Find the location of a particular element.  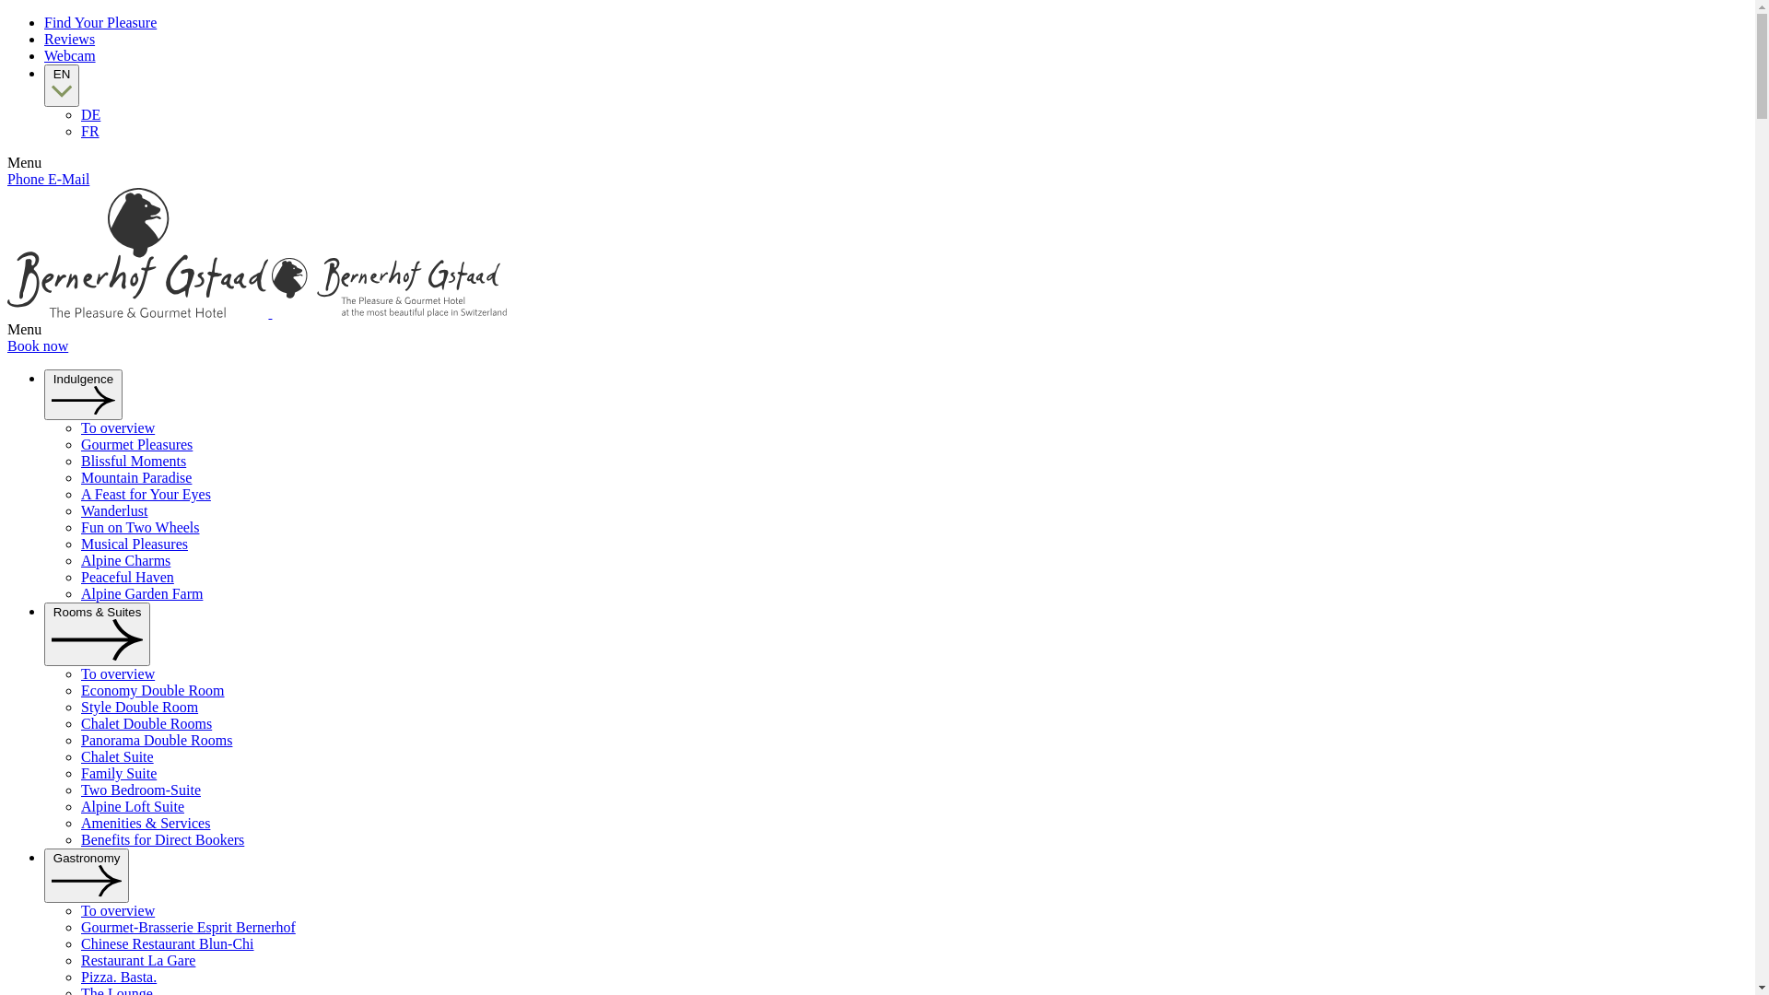

'Style Double Room' is located at coordinates (79, 706).